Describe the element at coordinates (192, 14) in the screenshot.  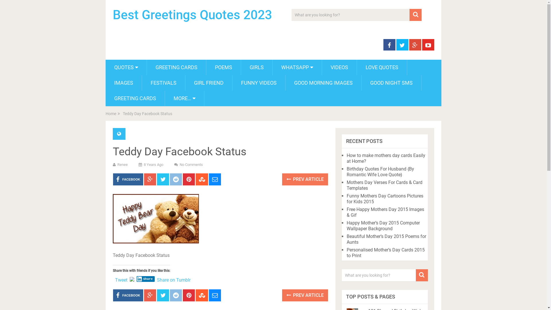
I see `'Best Greetings Quotes 2023'` at that location.